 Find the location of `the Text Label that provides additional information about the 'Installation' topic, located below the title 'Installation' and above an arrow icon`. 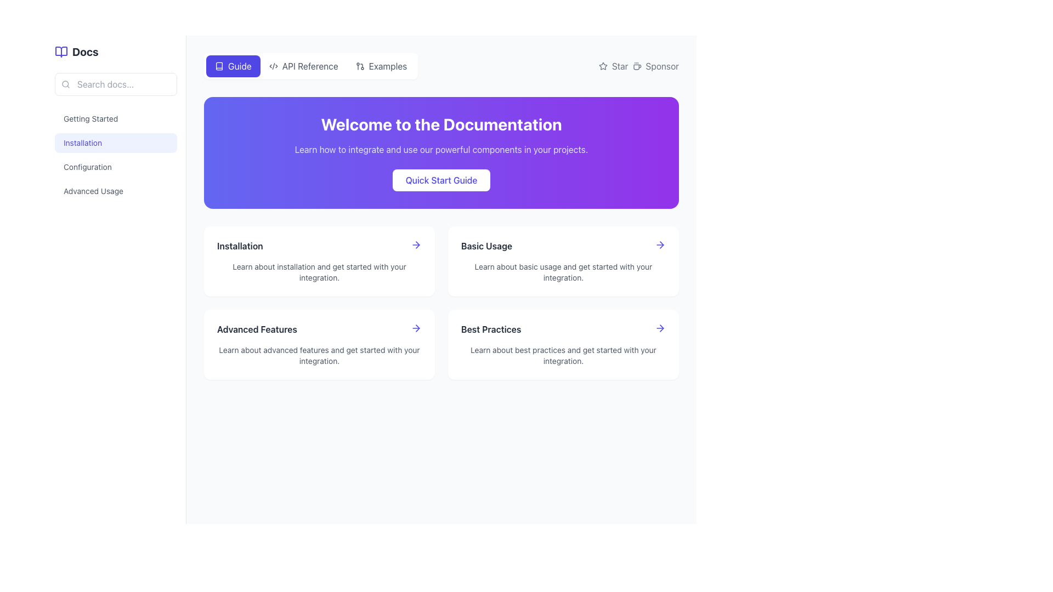

the Text Label that provides additional information about the 'Installation' topic, located below the title 'Installation' and above an arrow icon is located at coordinates (319, 272).